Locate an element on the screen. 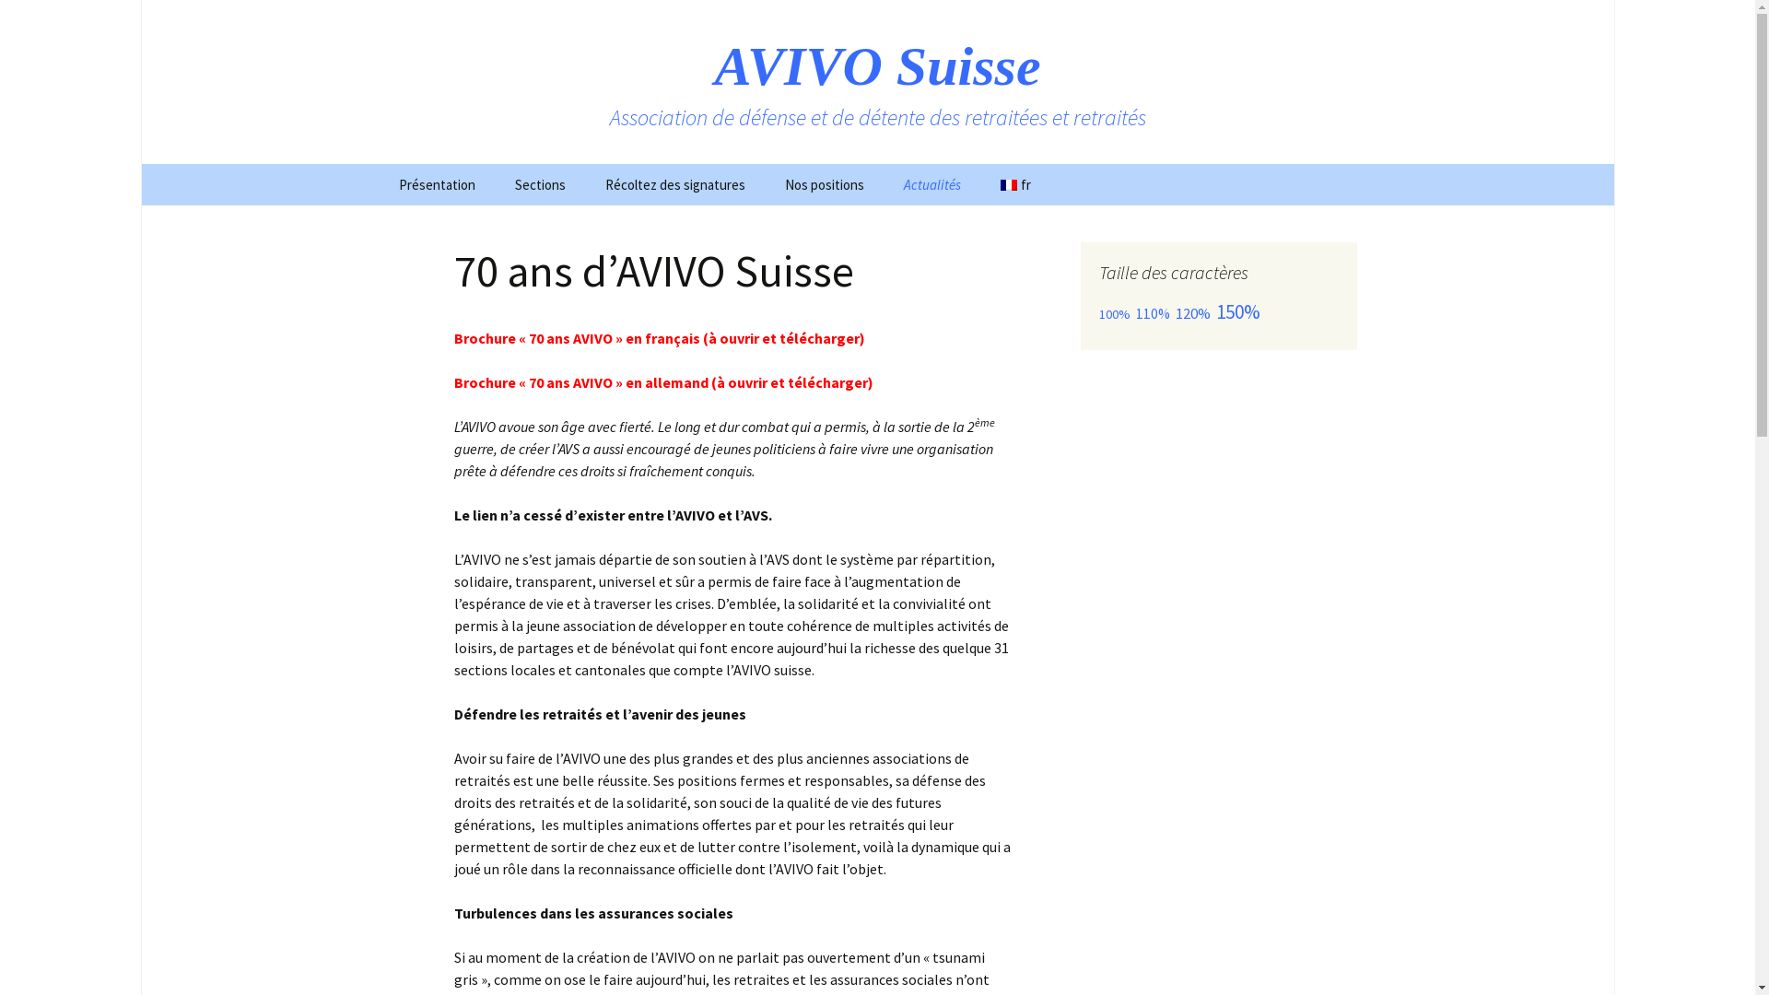  'fr' is located at coordinates (1014, 184).